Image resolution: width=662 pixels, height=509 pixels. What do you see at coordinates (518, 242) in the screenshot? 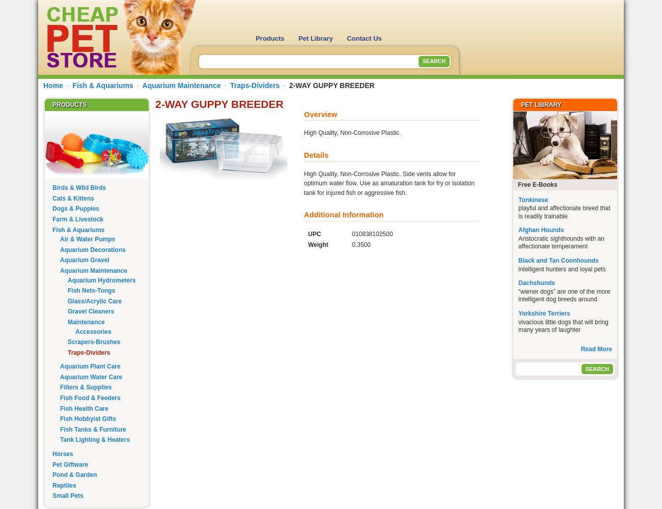
I see `'Aristocratic sighthounds with an affectionate temperament'` at bounding box center [518, 242].